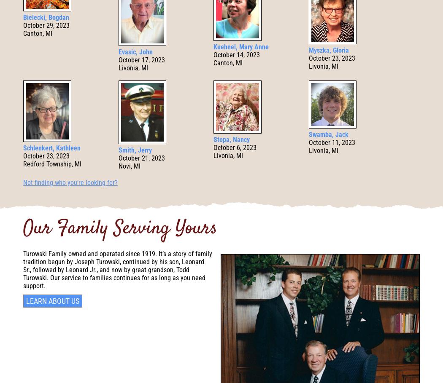 The image size is (443, 383). Describe the element at coordinates (51, 147) in the screenshot. I see `'Schlenkert, Kathleen'` at that location.